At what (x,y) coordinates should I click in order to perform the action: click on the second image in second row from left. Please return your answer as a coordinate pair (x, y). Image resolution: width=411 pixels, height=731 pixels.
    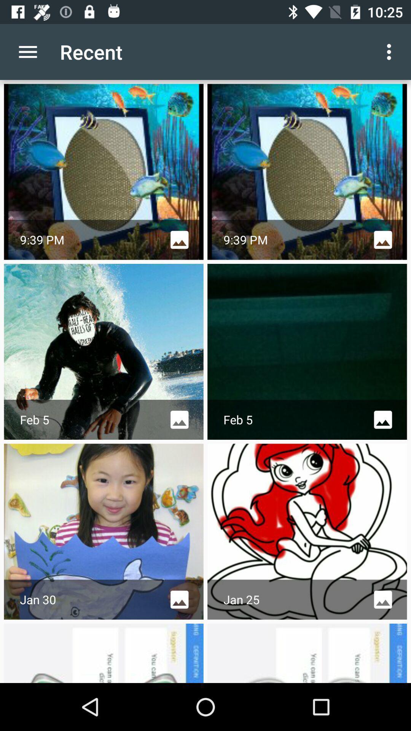
    Looking at the image, I should click on (307, 351).